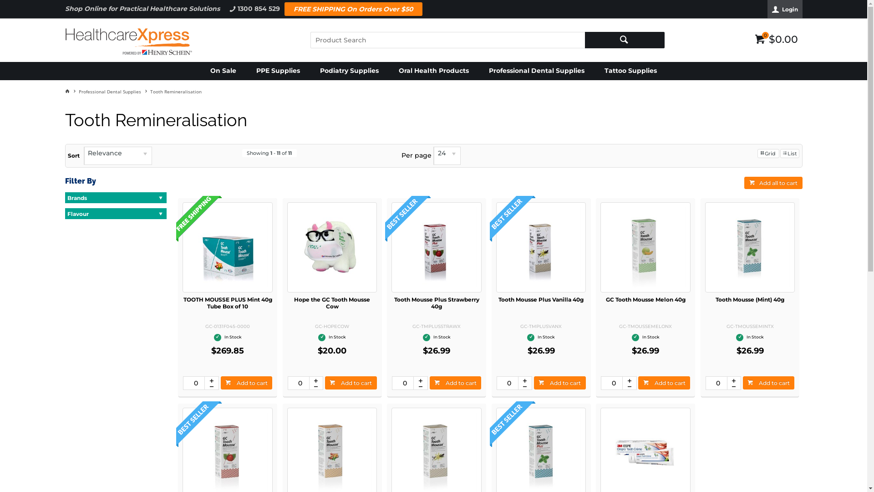 The width and height of the screenshot is (874, 492). Describe the element at coordinates (767, 9) in the screenshot. I see `'Login'` at that location.